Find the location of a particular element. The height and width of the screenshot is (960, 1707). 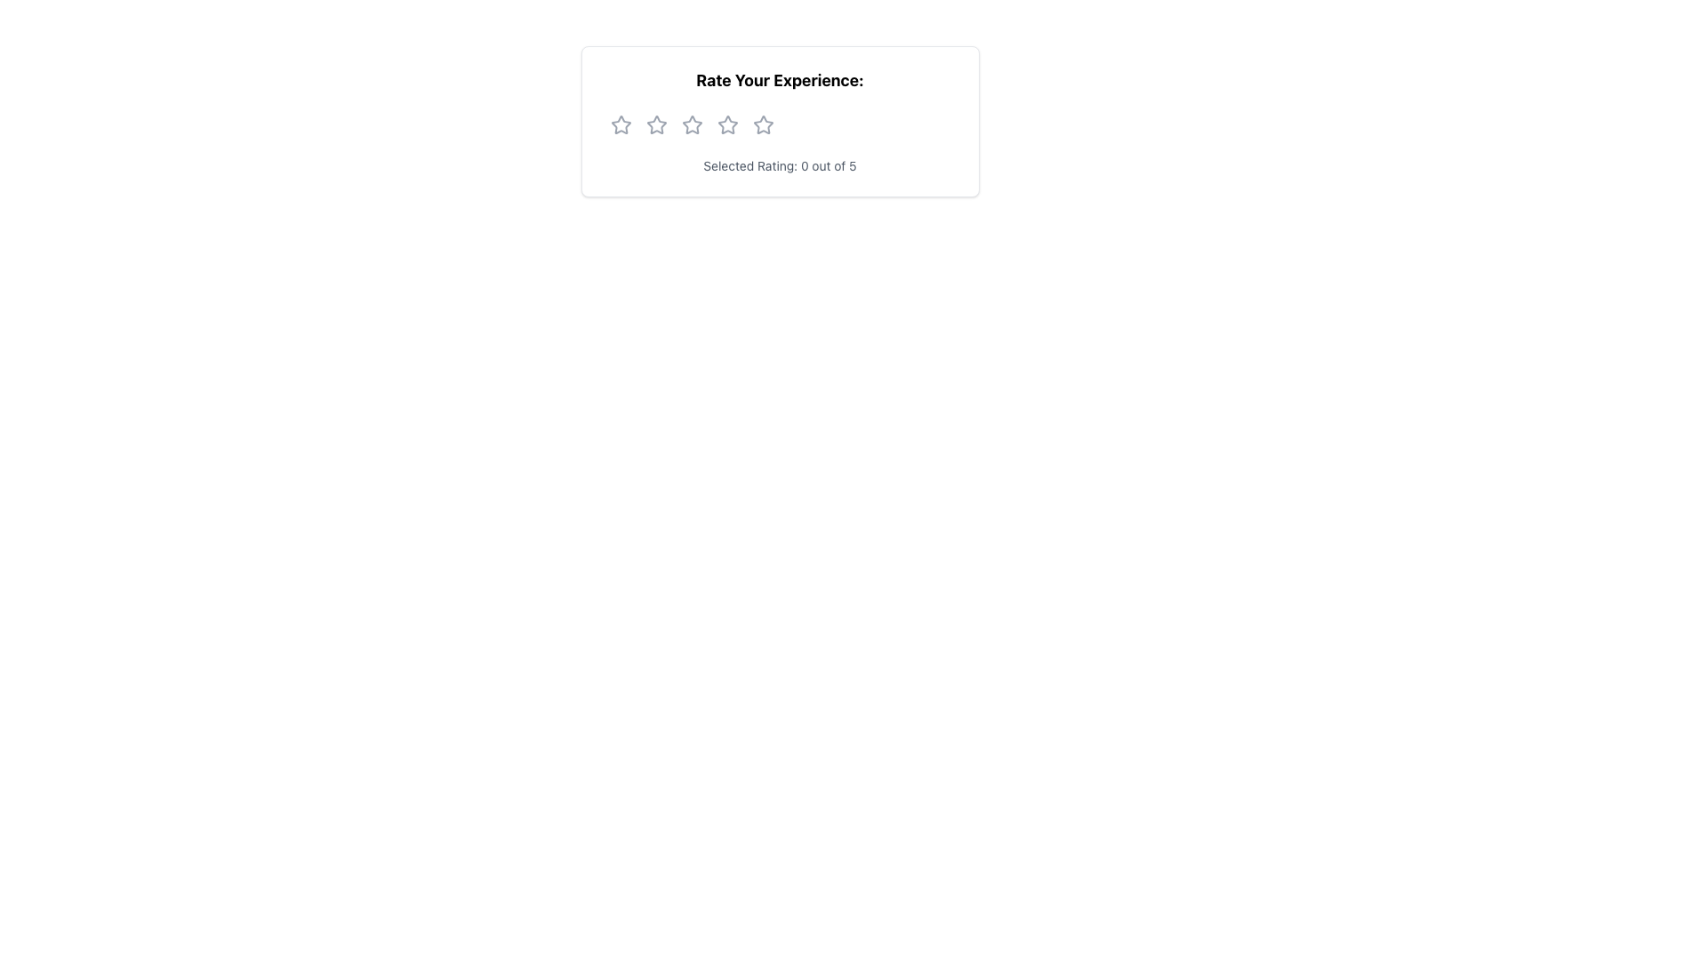

the second star in the star rating icon is located at coordinates (655, 124).